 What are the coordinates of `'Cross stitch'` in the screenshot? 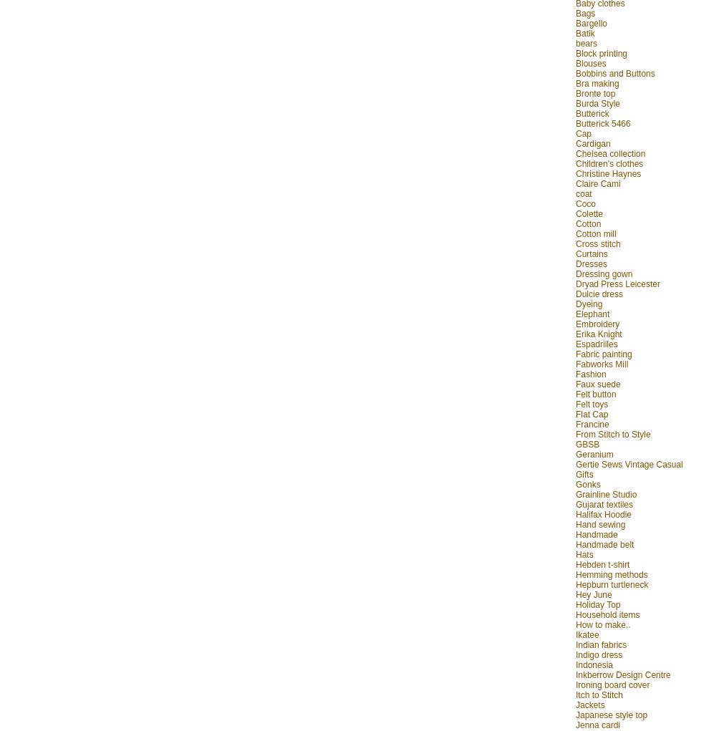 It's located at (575, 242).